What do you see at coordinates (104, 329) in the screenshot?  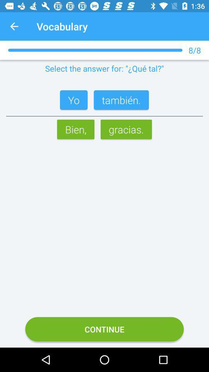 I see `the icon below the bien, icon` at bounding box center [104, 329].